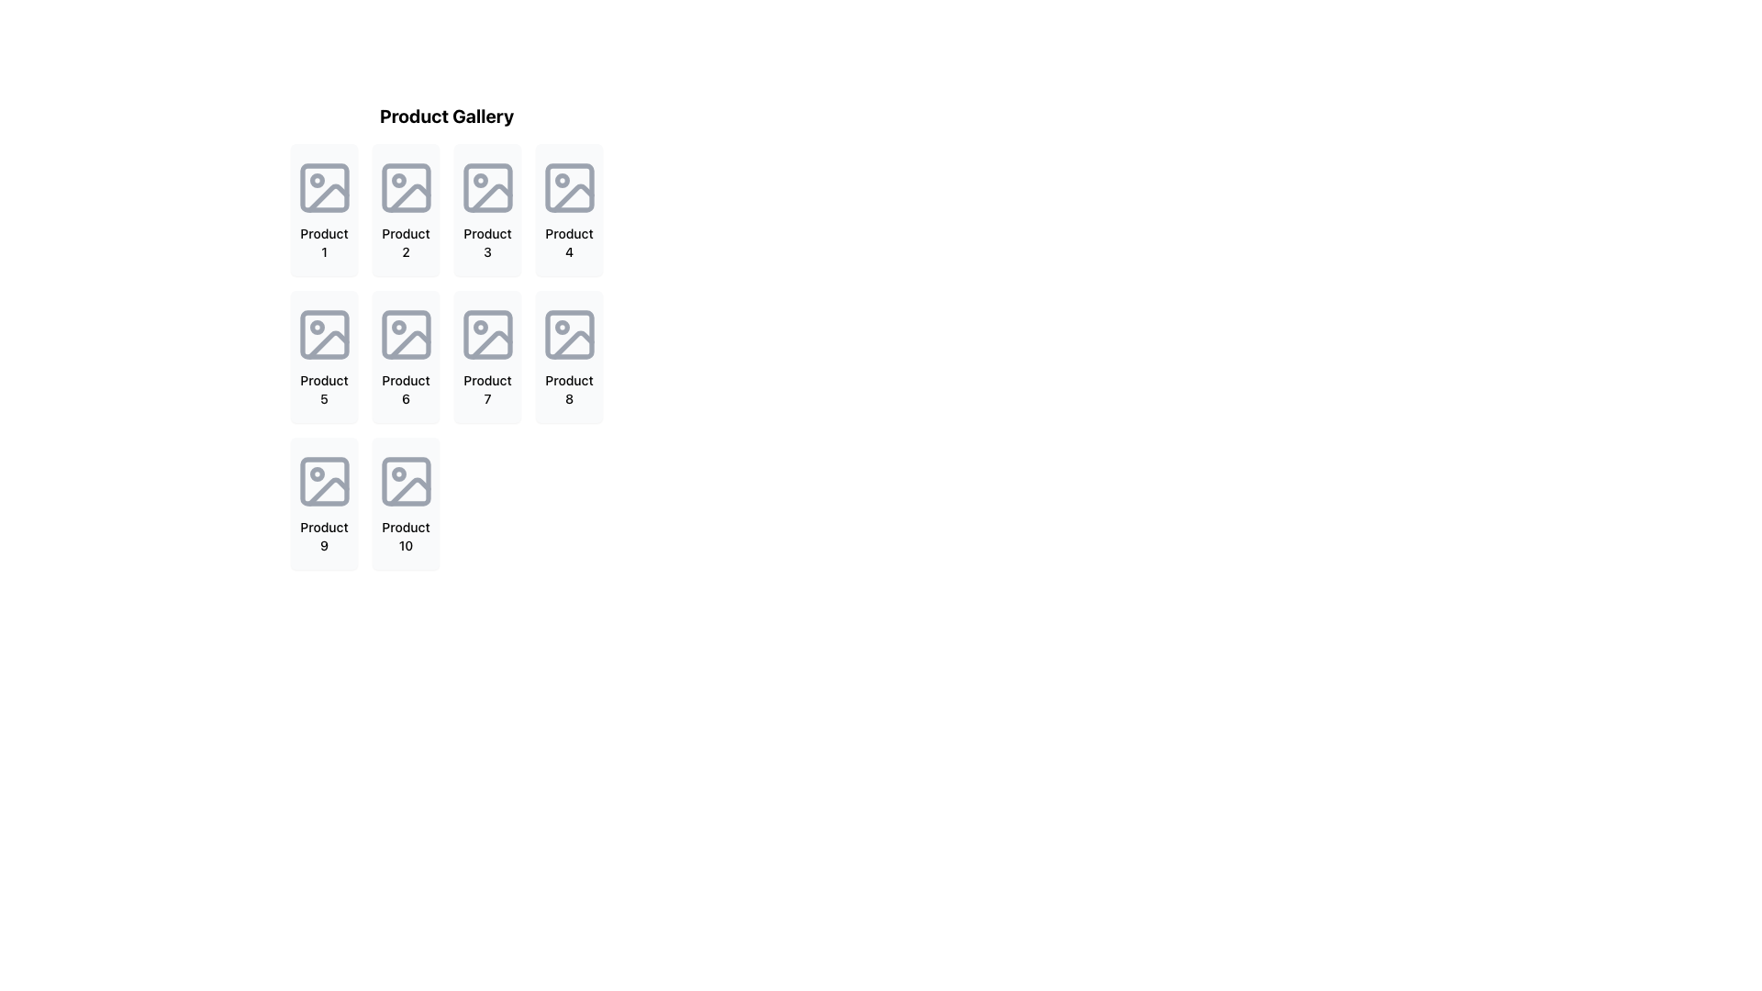 This screenshot has width=1762, height=991. What do you see at coordinates (487, 187) in the screenshot?
I see `the decorative rectangular graphics component located in the upper-left corner of the icon resembling an image placeholder, which is the third entry in the top row of the product thumbnails grid` at bounding box center [487, 187].